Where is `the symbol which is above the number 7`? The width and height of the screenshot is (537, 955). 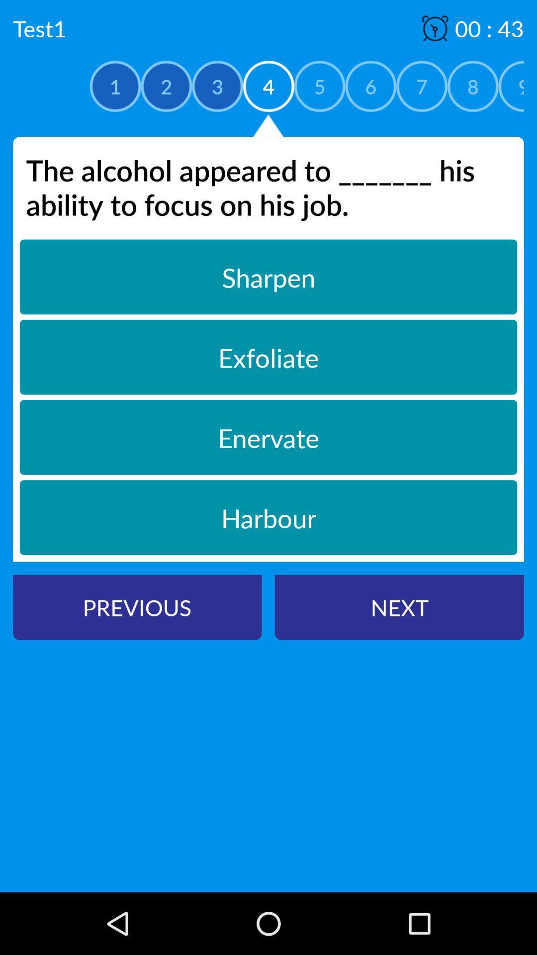
the symbol which is above the number 7 is located at coordinates (435, 28).